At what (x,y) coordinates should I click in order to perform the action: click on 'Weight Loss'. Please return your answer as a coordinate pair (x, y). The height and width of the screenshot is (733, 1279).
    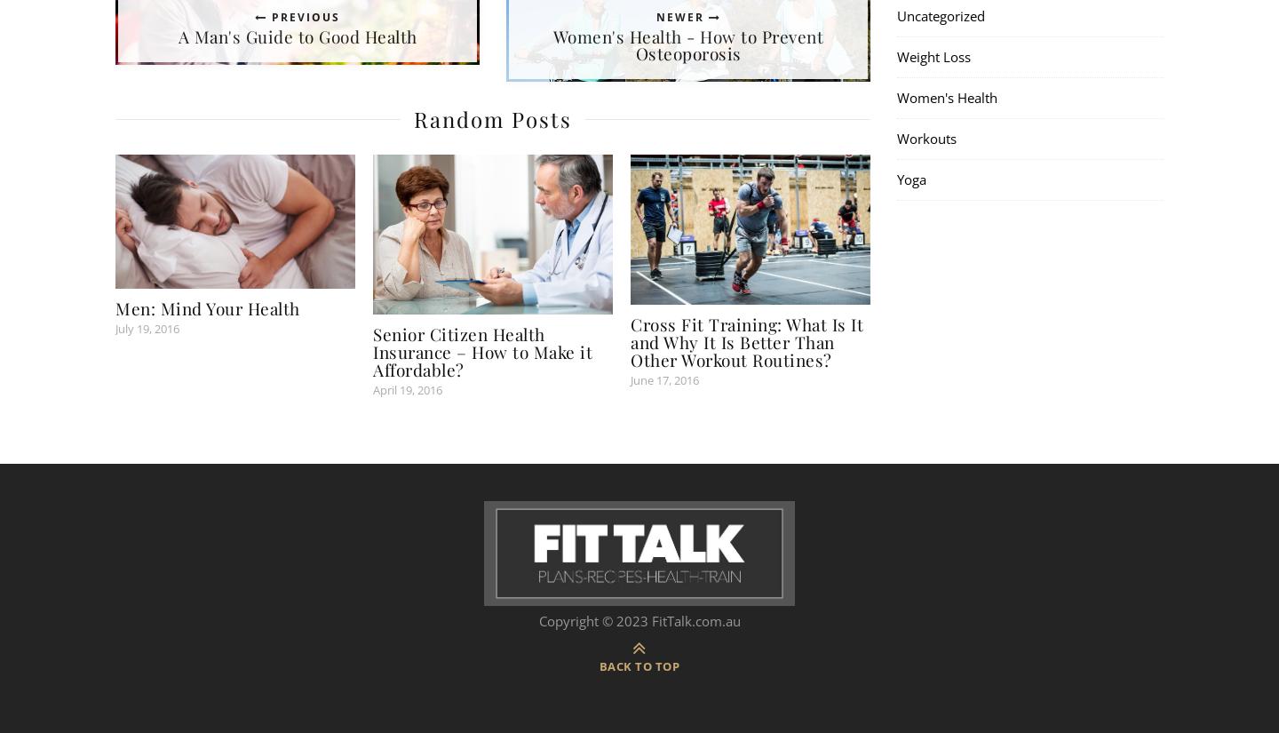
    Looking at the image, I should click on (933, 56).